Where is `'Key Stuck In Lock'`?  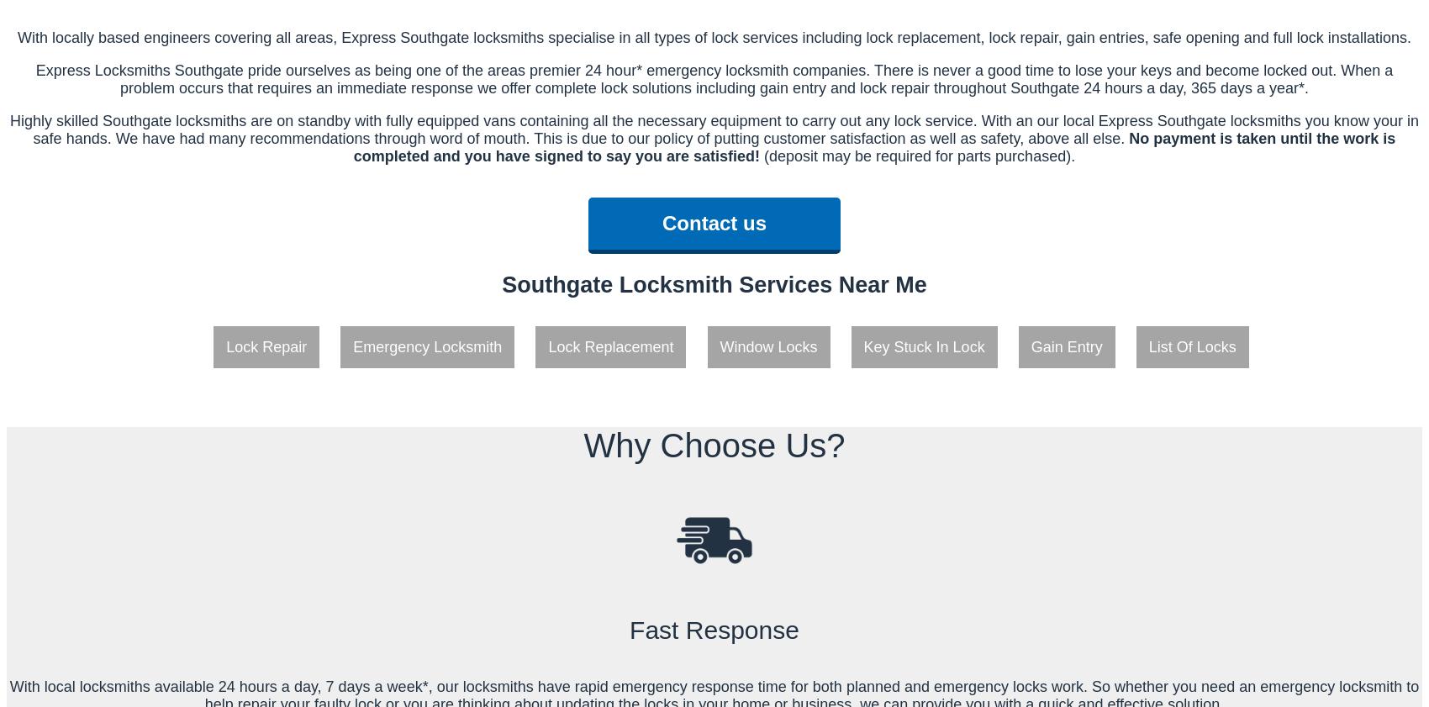 'Key Stuck In Lock' is located at coordinates (862, 346).